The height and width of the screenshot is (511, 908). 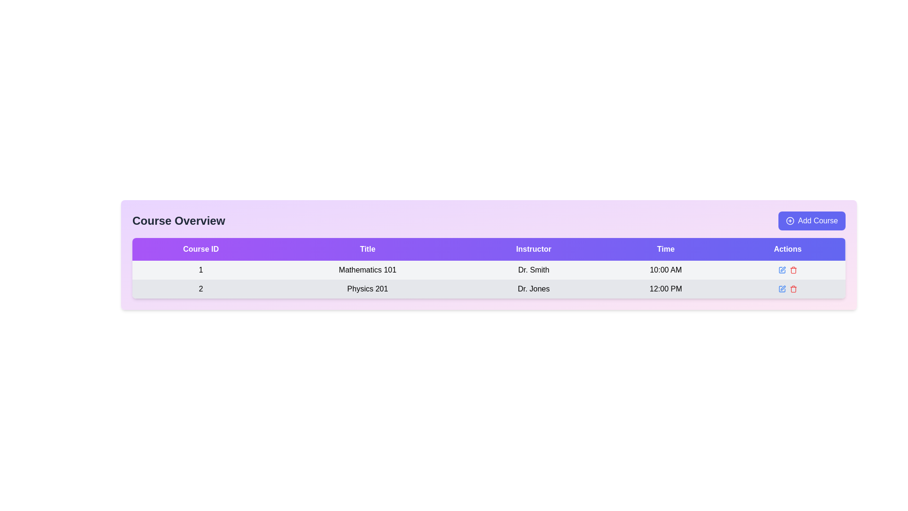 What do you see at coordinates (787, 249) in the screenshot?
I see `the 'Actions' text label in the table column header, which is centered in a rectangular area with white text on a purple background, located in the top-right section of the table` at bounding box center [787, 249].